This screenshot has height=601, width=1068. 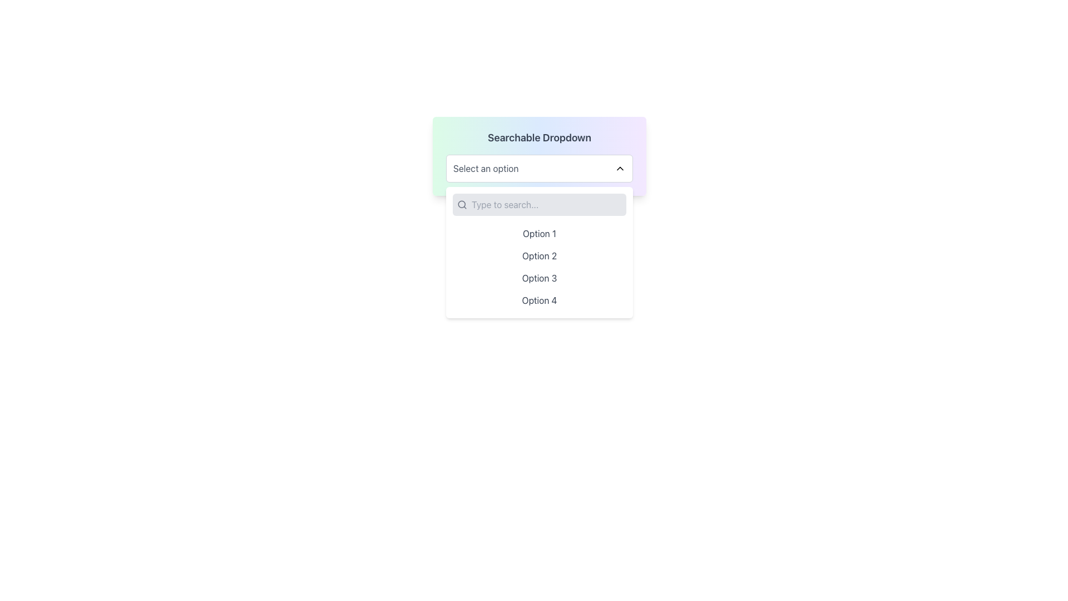 I want to click on the third selectable option in the dropdown menu, so click(x=539, y=278).